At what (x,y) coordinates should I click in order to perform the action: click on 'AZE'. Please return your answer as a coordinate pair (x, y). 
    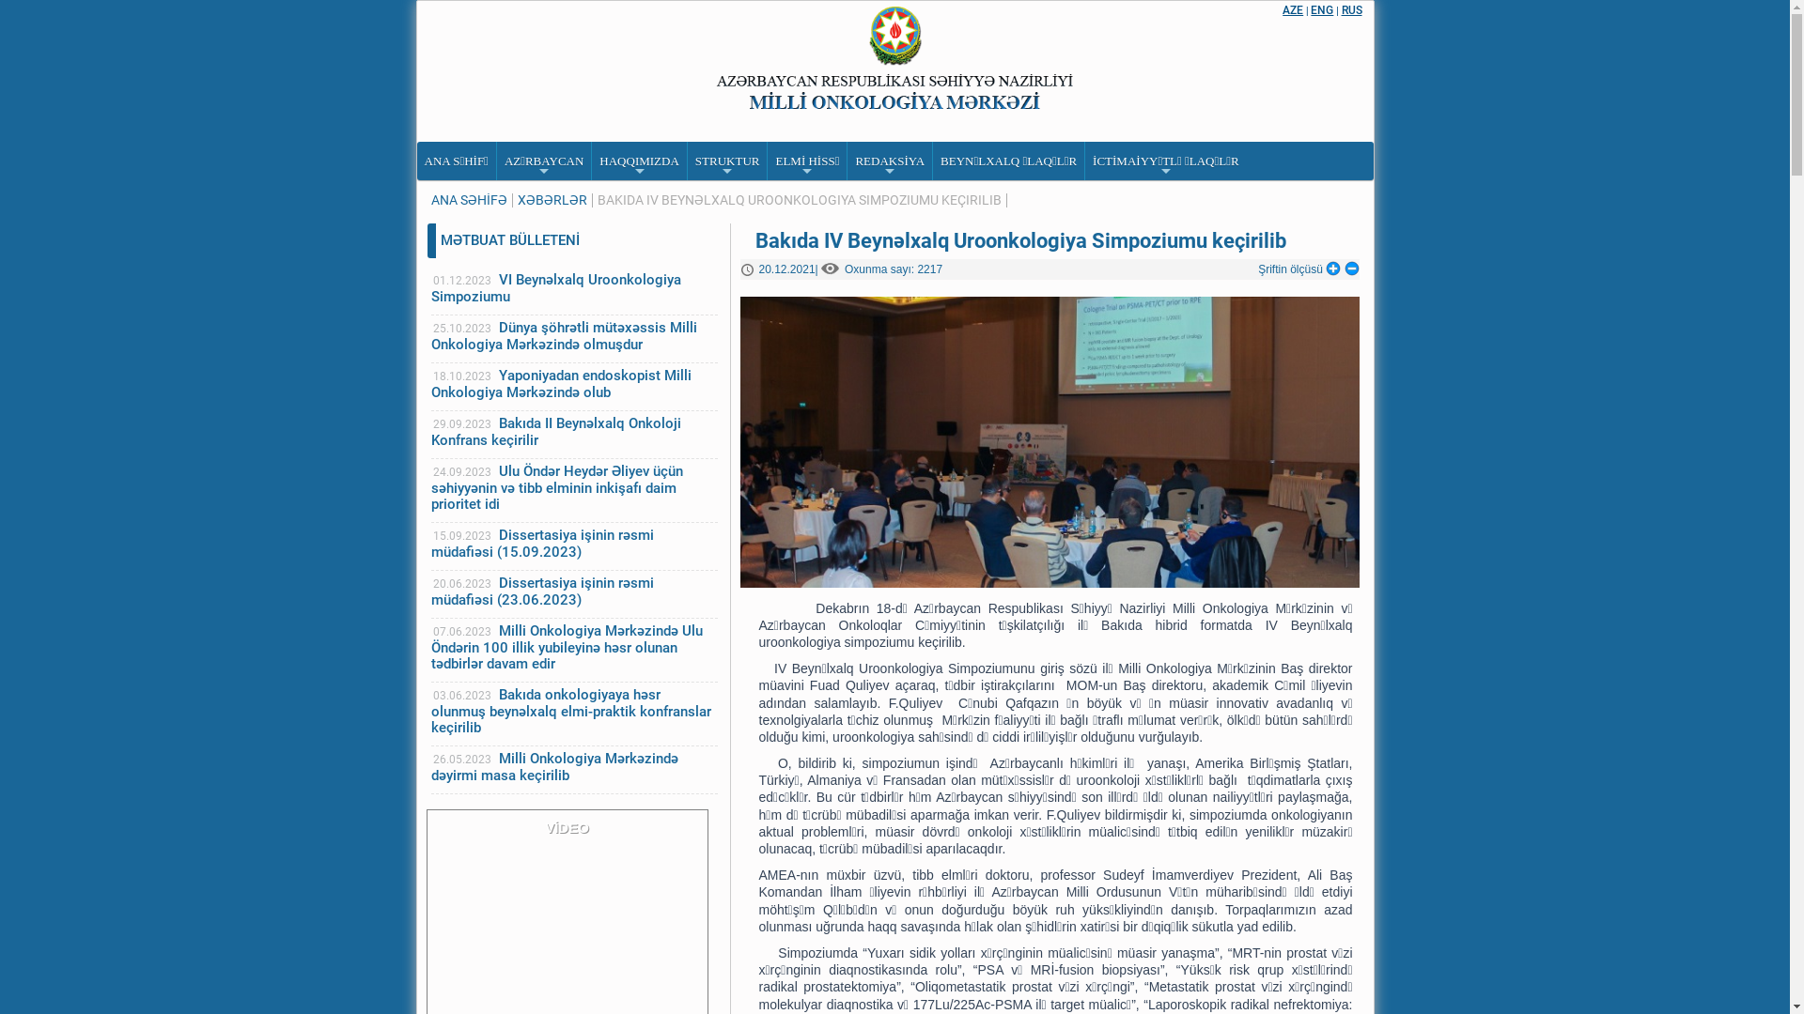
    Looking at the image, I should click on (1292, 10).